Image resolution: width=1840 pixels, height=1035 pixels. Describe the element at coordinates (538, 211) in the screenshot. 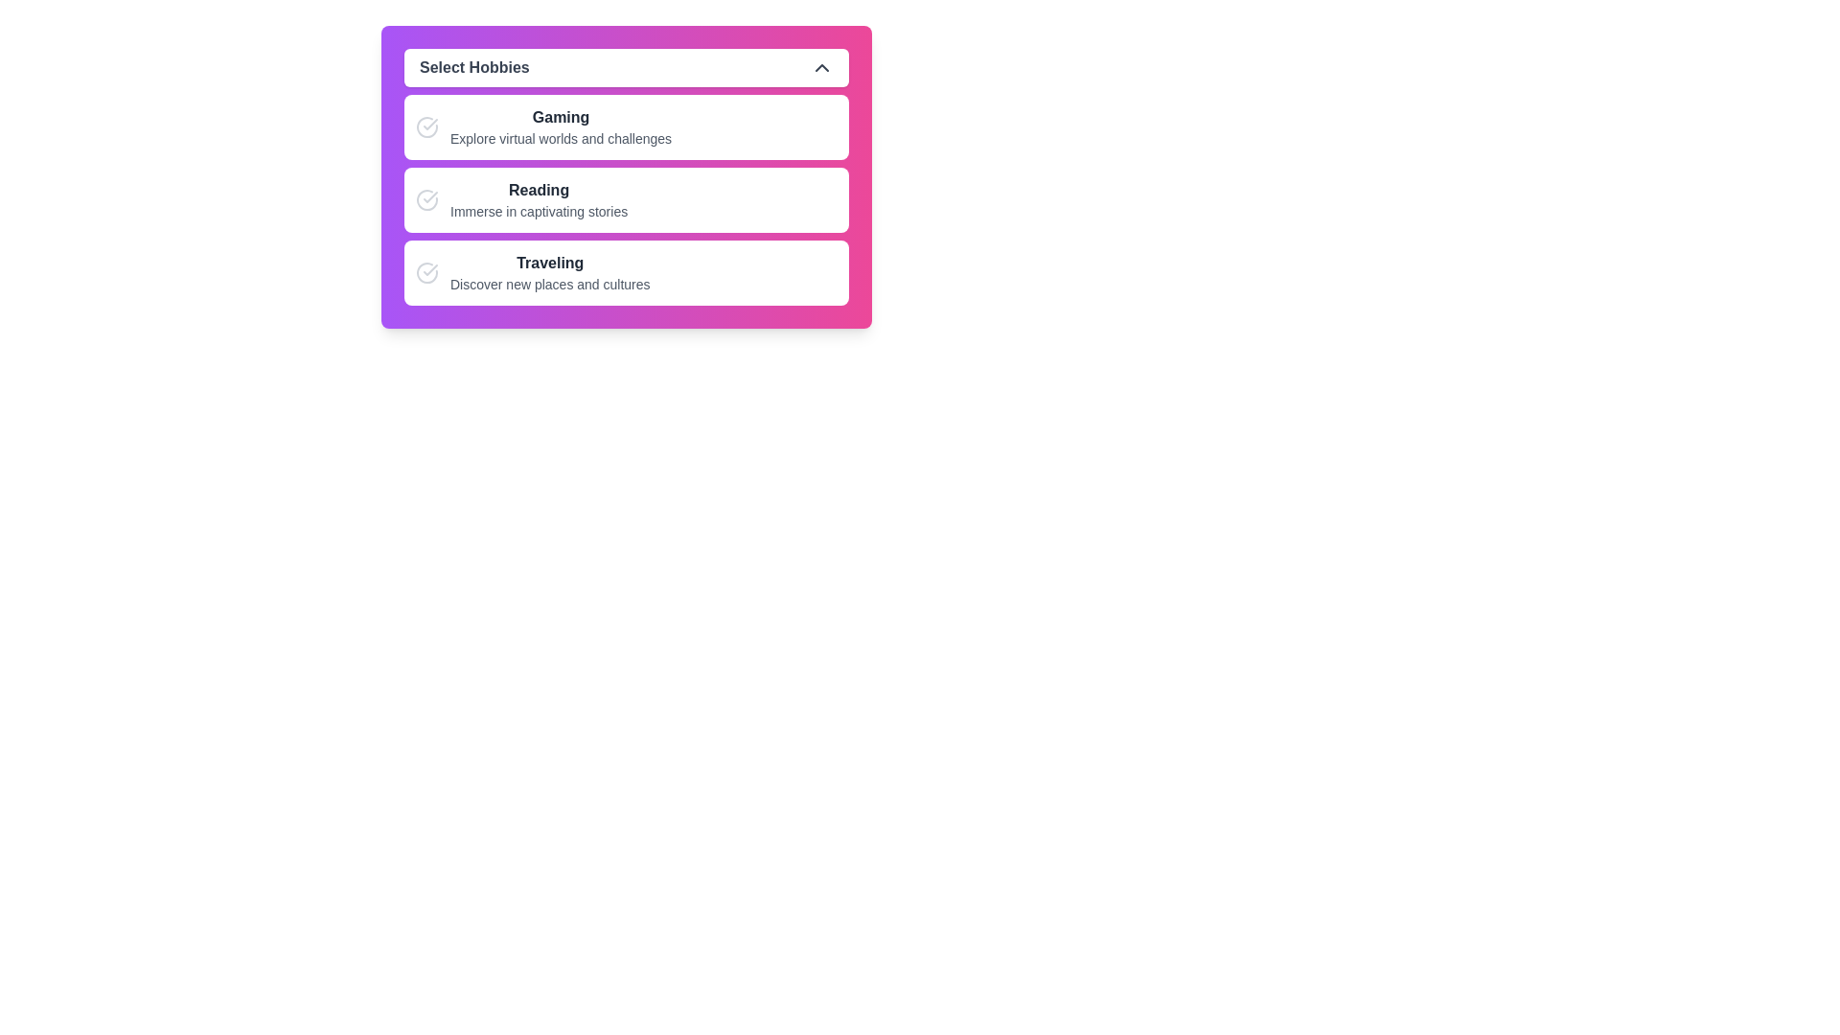

I see `the text element that displays the phrase 'Immerse in captivating stories', which is centrally aligned beneath the heading 'Reading' and positioned between 'Gaming' and 'Traveling'` at that location.